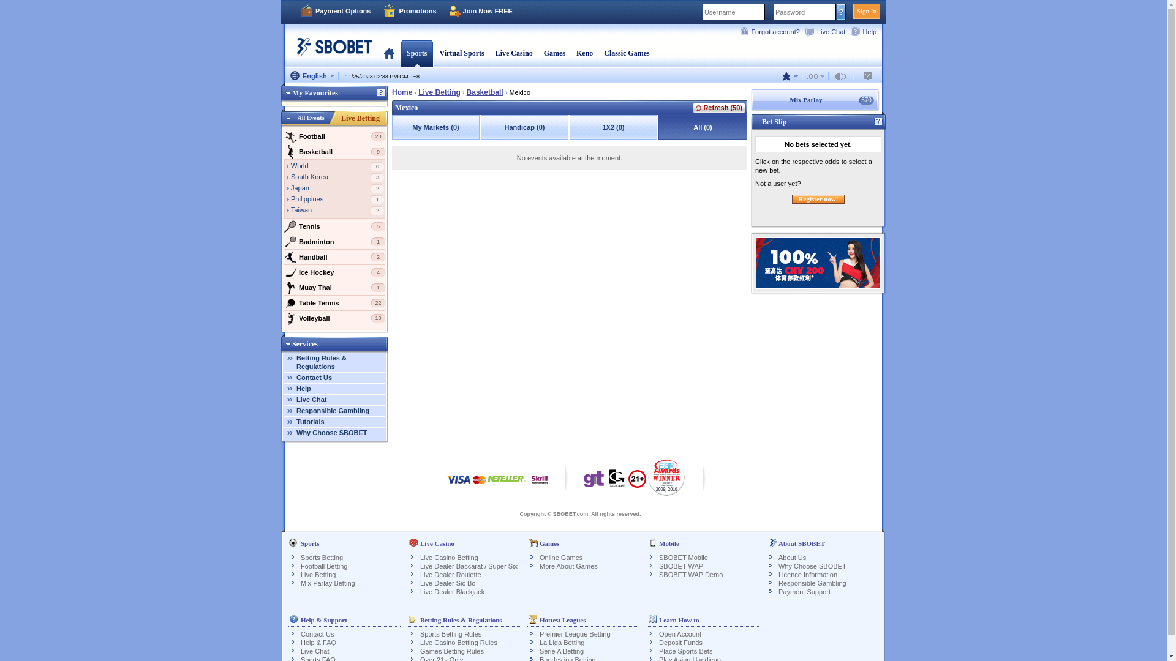  Describe the element at coordinates (282, 136) in the screenshot. I see `'Football` at that location.